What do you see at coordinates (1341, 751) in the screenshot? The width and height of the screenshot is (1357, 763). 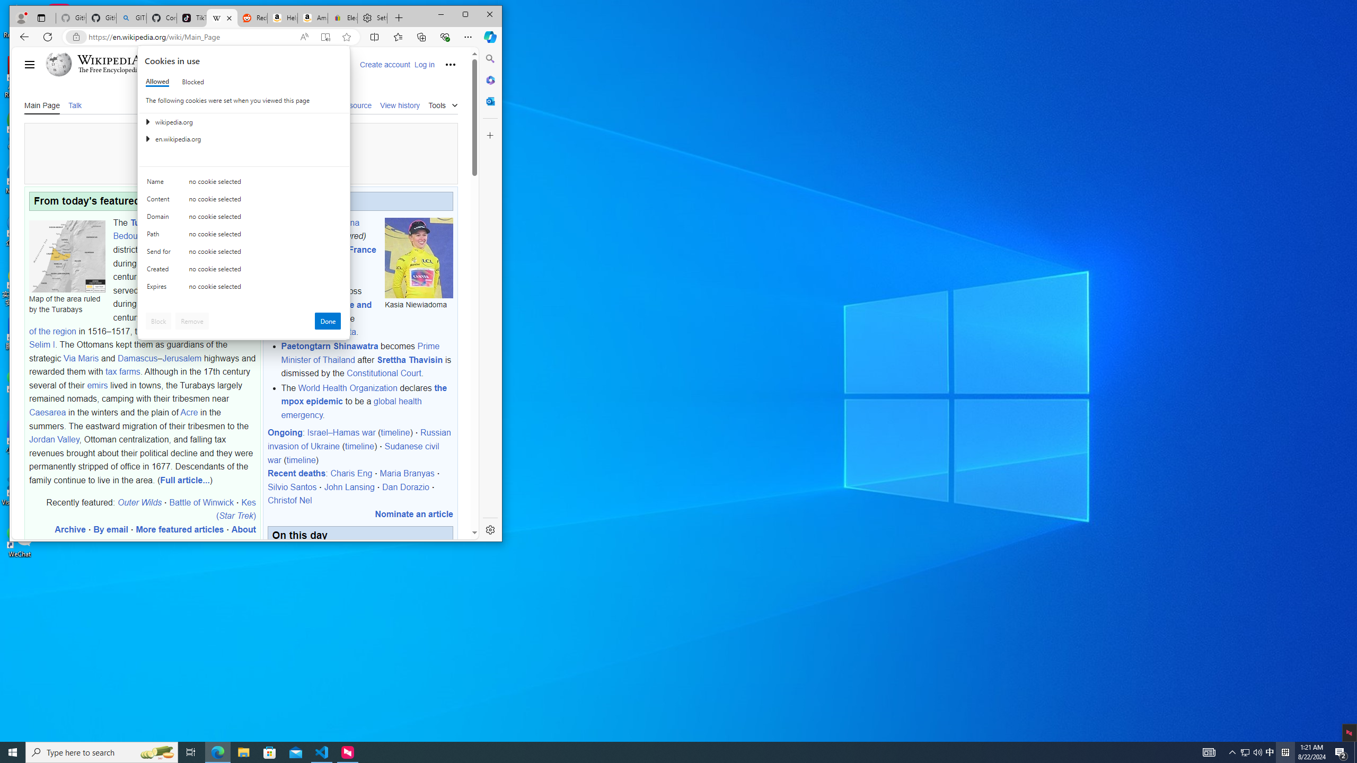 I see `'Action Center, 2 new notifications'` at bounding box center [1341, 751].